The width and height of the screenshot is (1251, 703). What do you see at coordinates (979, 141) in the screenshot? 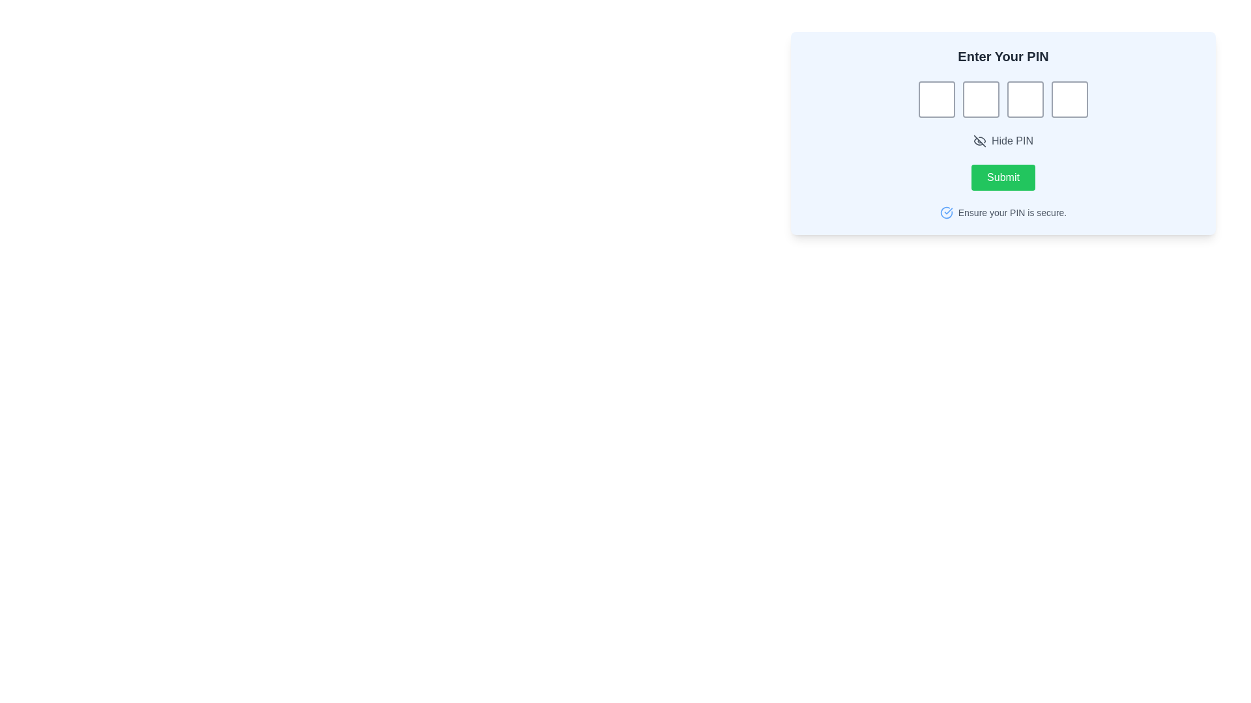
I see `the eye icon with a strikethrough line, located to the left of the 'Hide PIN' text` at bounding box center [979, 141].